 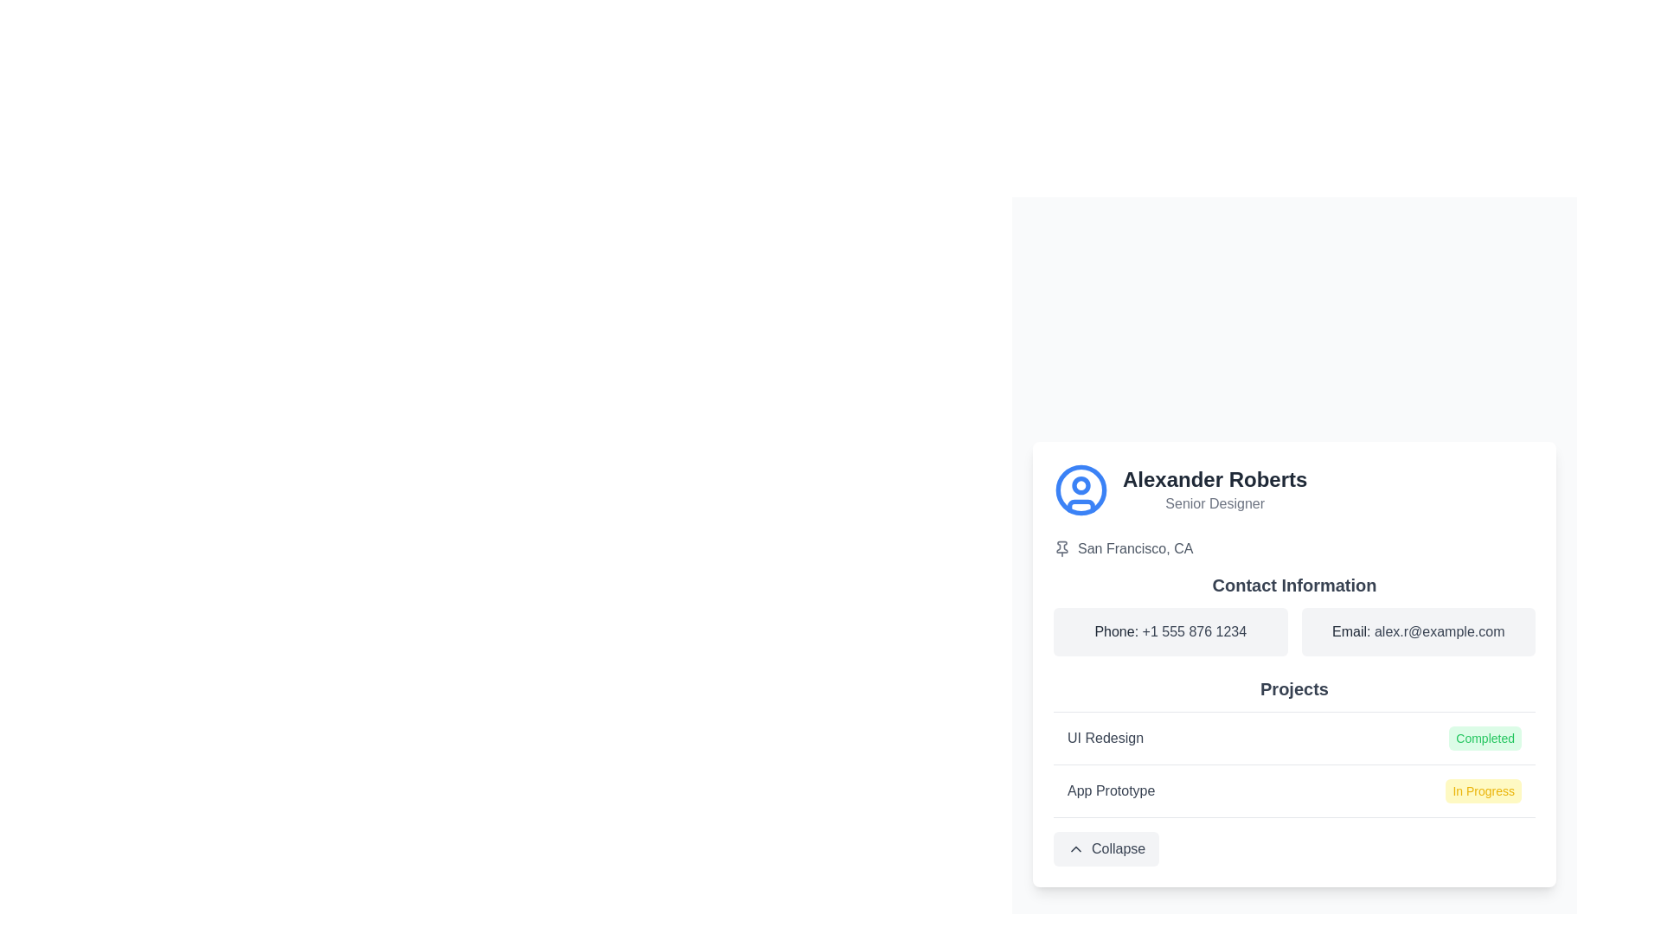 What do you see at coordinates (1294, 584) in the screenshot?
I see `text label indicating 'Contact Information', which serves as a section title for contact details including phone number and email` at bounding box center [1294, 584].